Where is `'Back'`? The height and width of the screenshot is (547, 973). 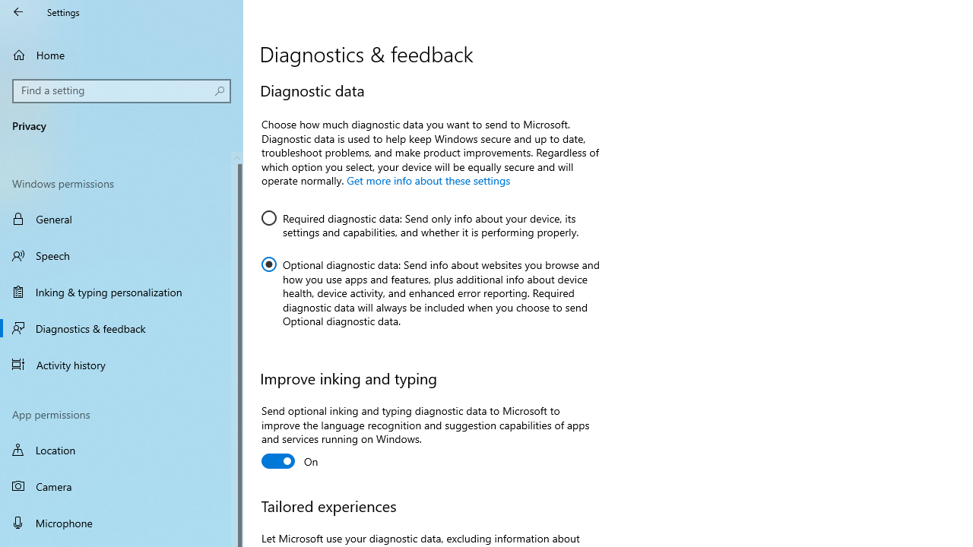
'Back' is located at coordinates (18, 11).